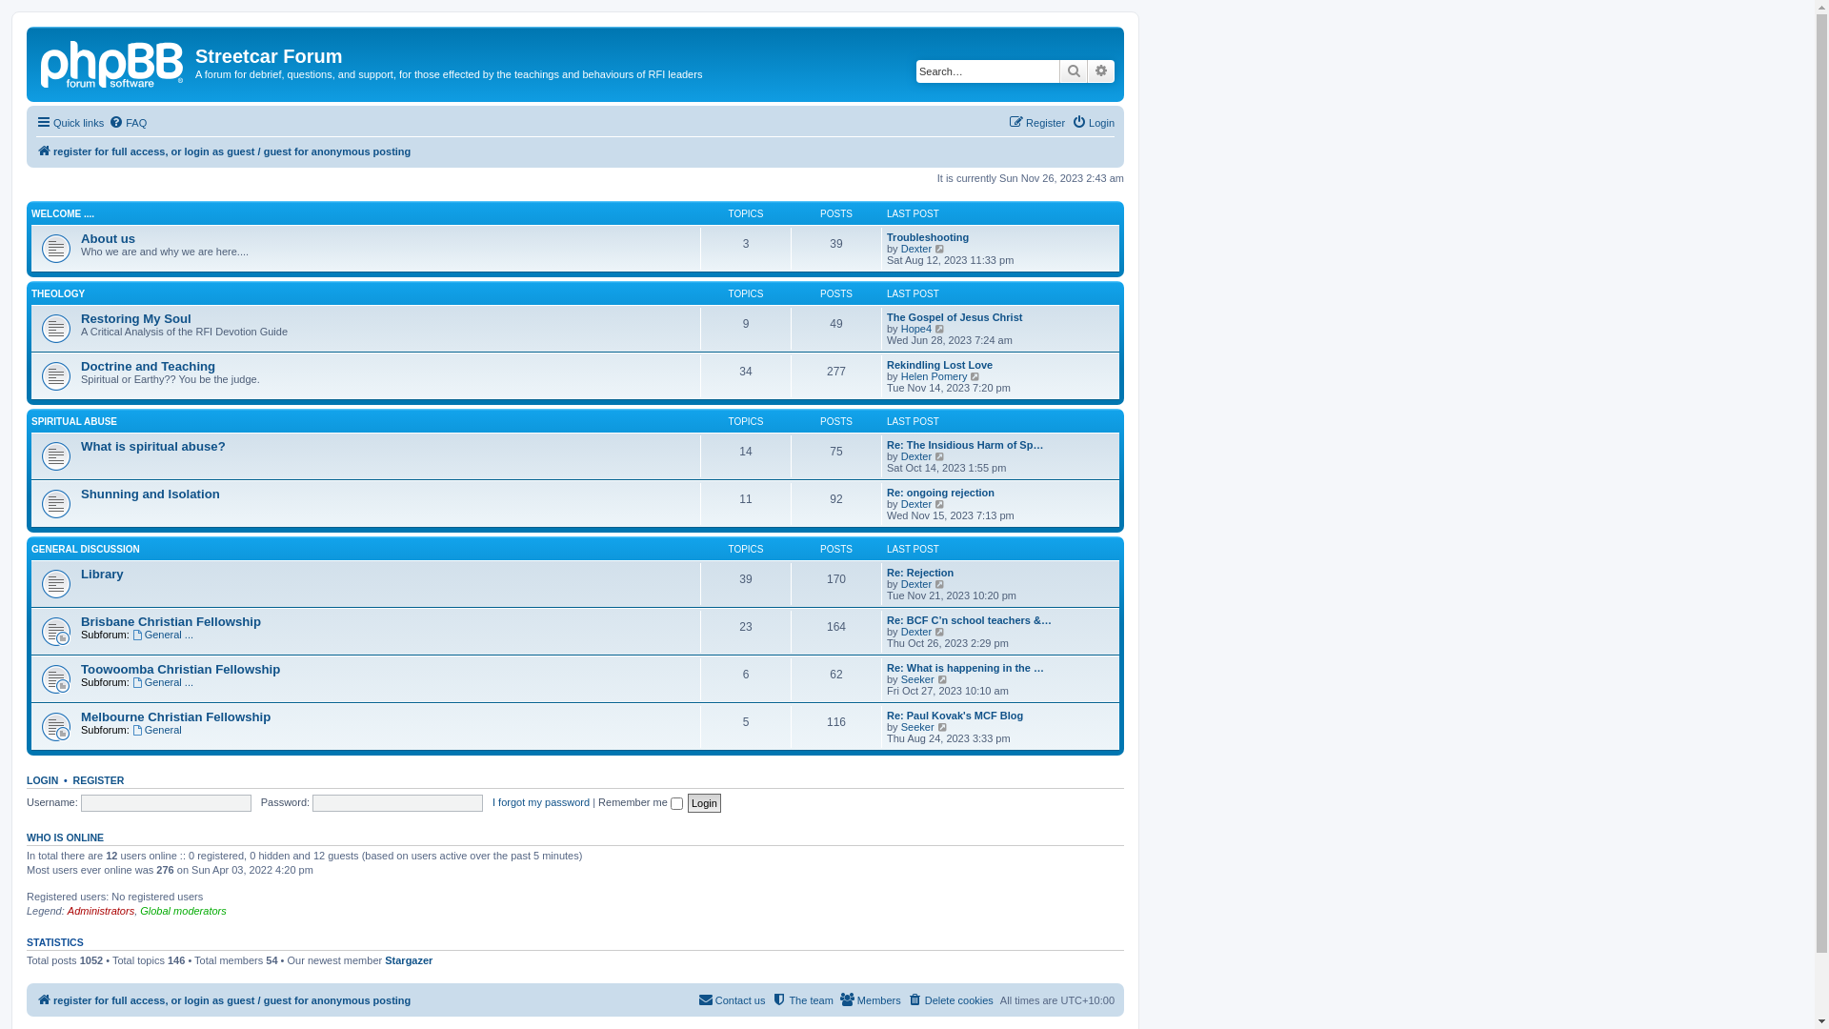 The height and width of the screenshot is (1029, 1829). I want to click on 'Brisbane Christian Fellowship', so click(80, 621).